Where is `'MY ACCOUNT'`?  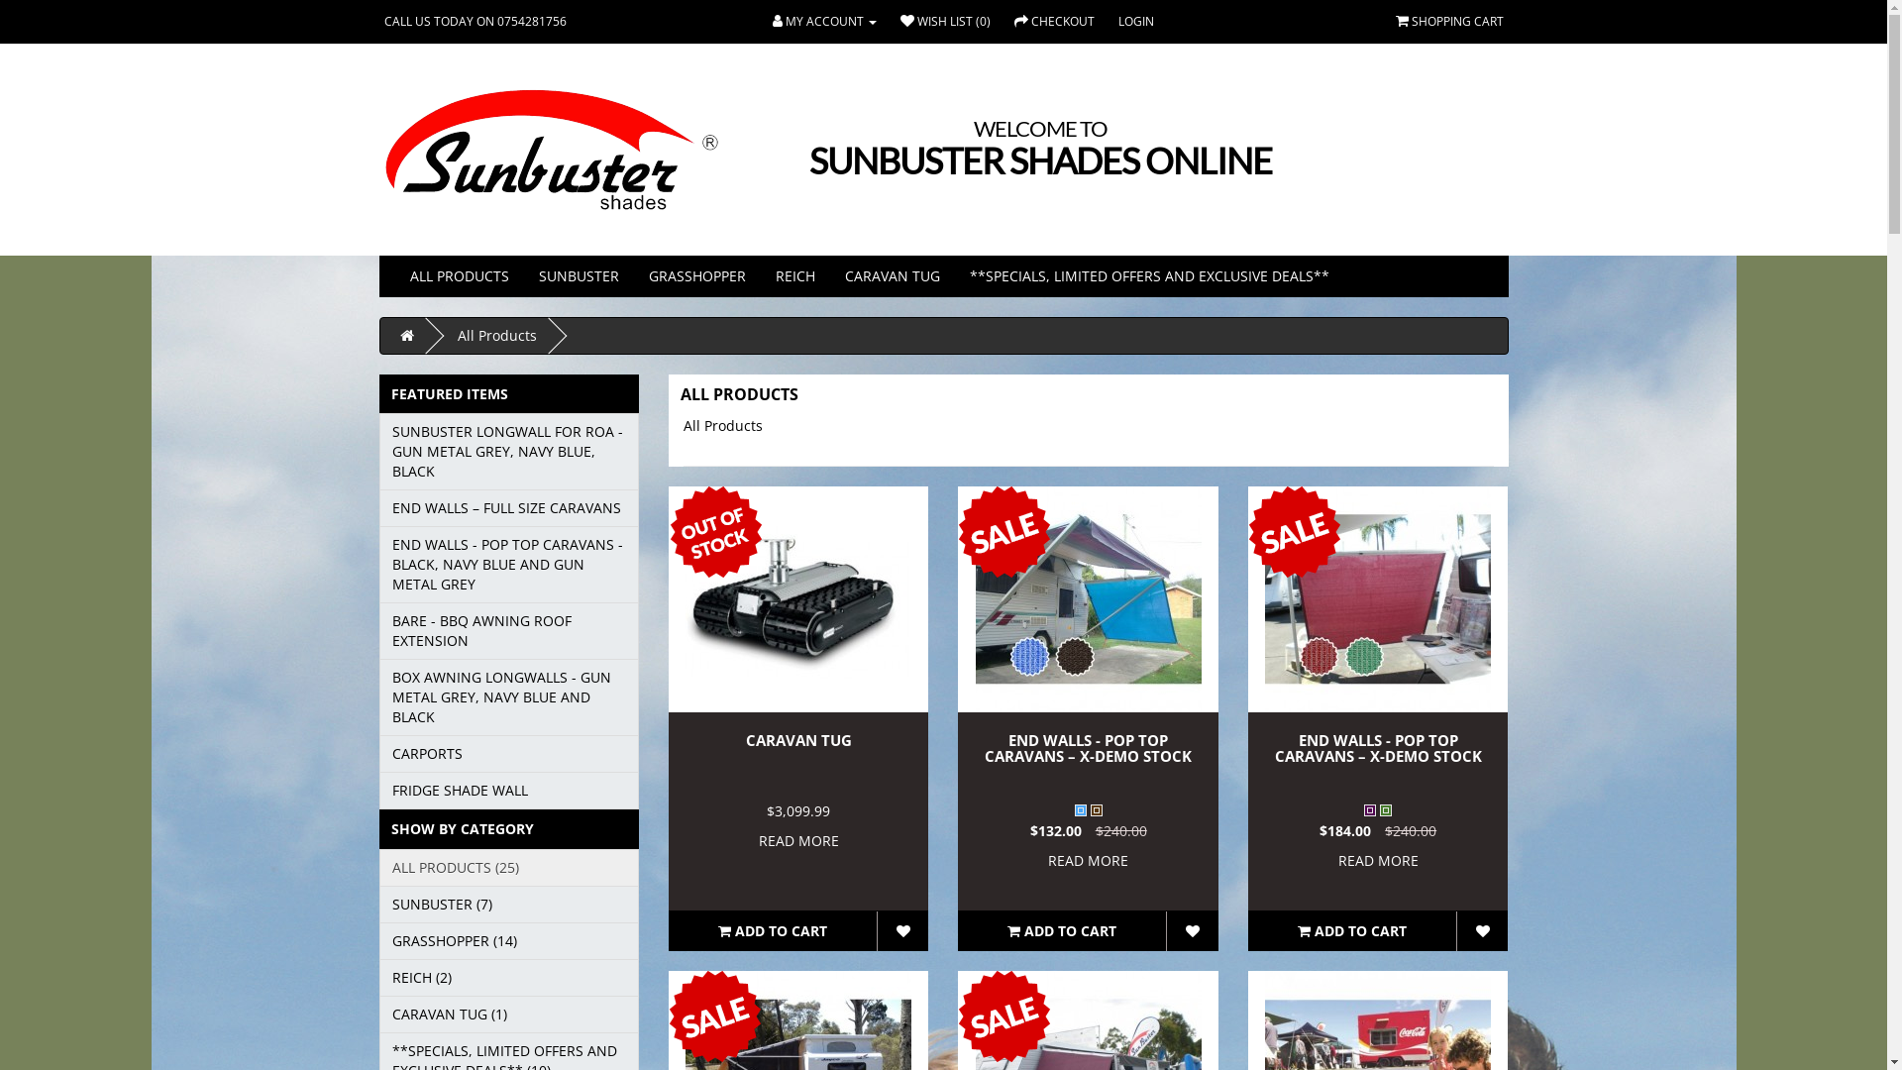
'MY ACCOUNT' is located at coordinates (824, 21).